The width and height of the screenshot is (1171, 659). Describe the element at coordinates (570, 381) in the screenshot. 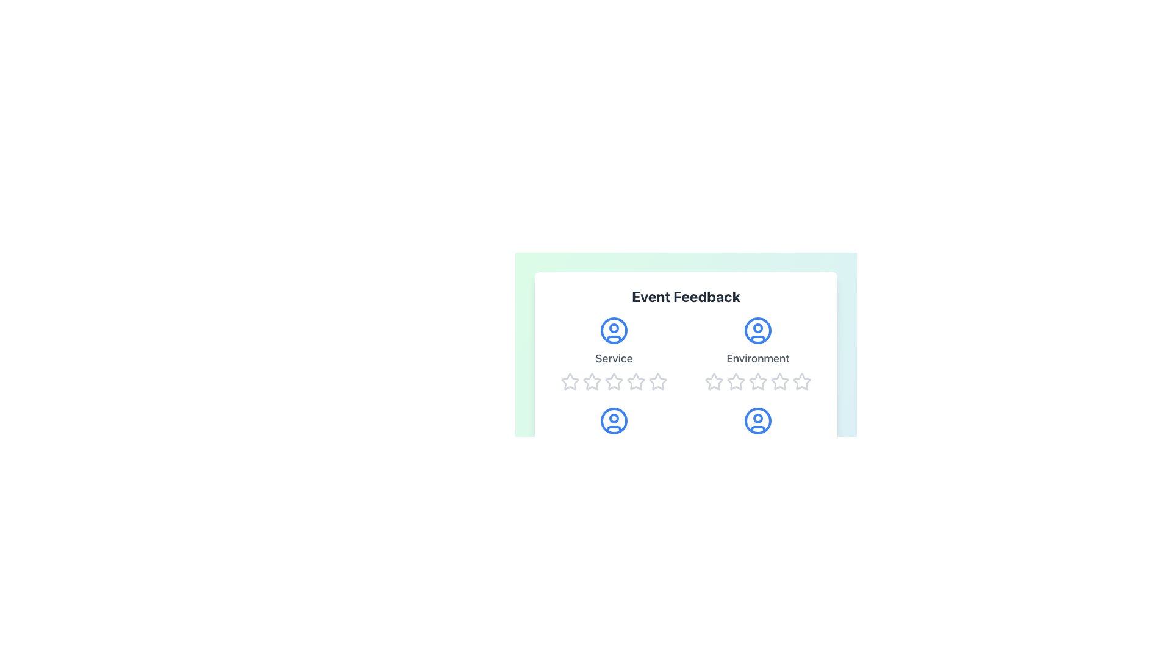

I see `the first rating star in the 'Service' rating group` at that location.